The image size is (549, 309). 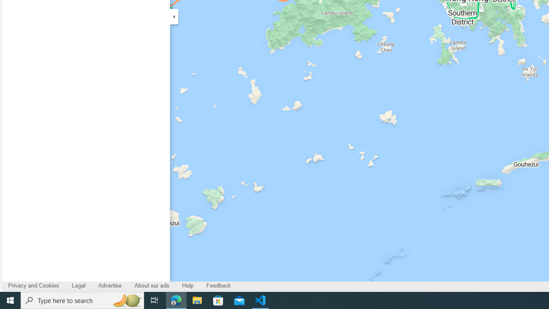 What do you see at coordinates (187, 285) in the screenshot?
I see `'Help'` at bounding box center [187, 285].